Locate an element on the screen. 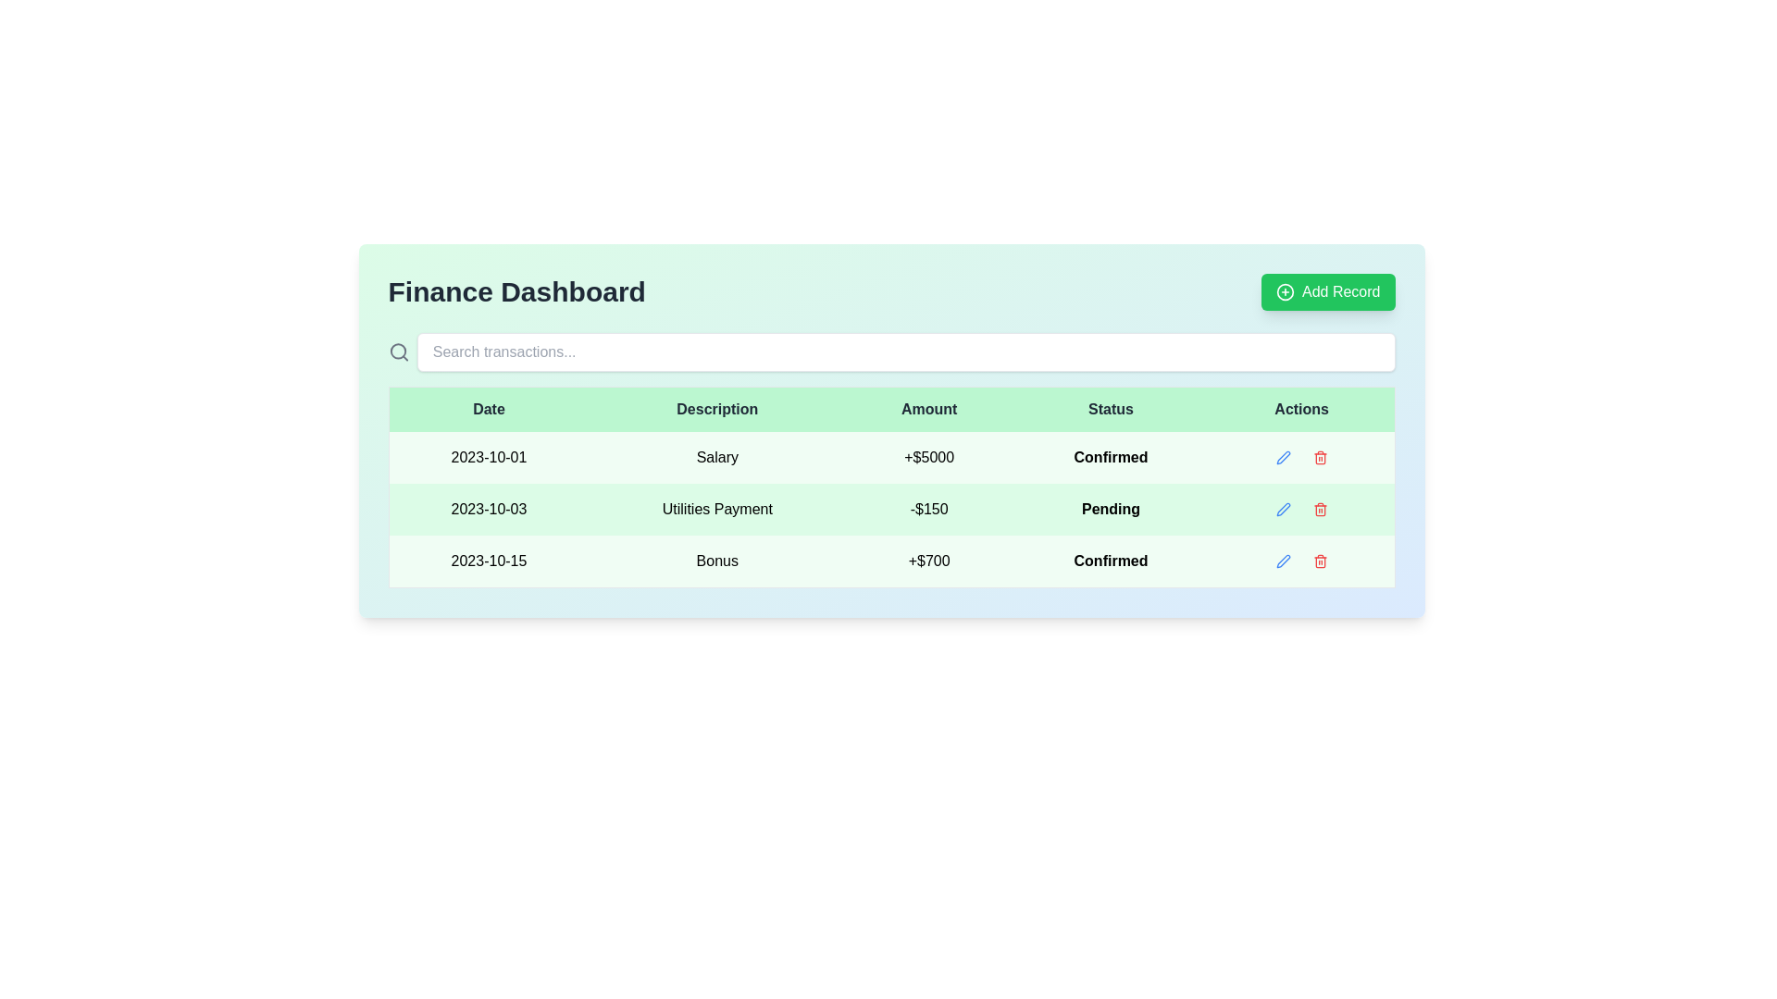  the magnifying glass icon, which is styled minimally with a circular handle, located to the left of the 'Search transactions...' input box is located at coordinates (398, 352).